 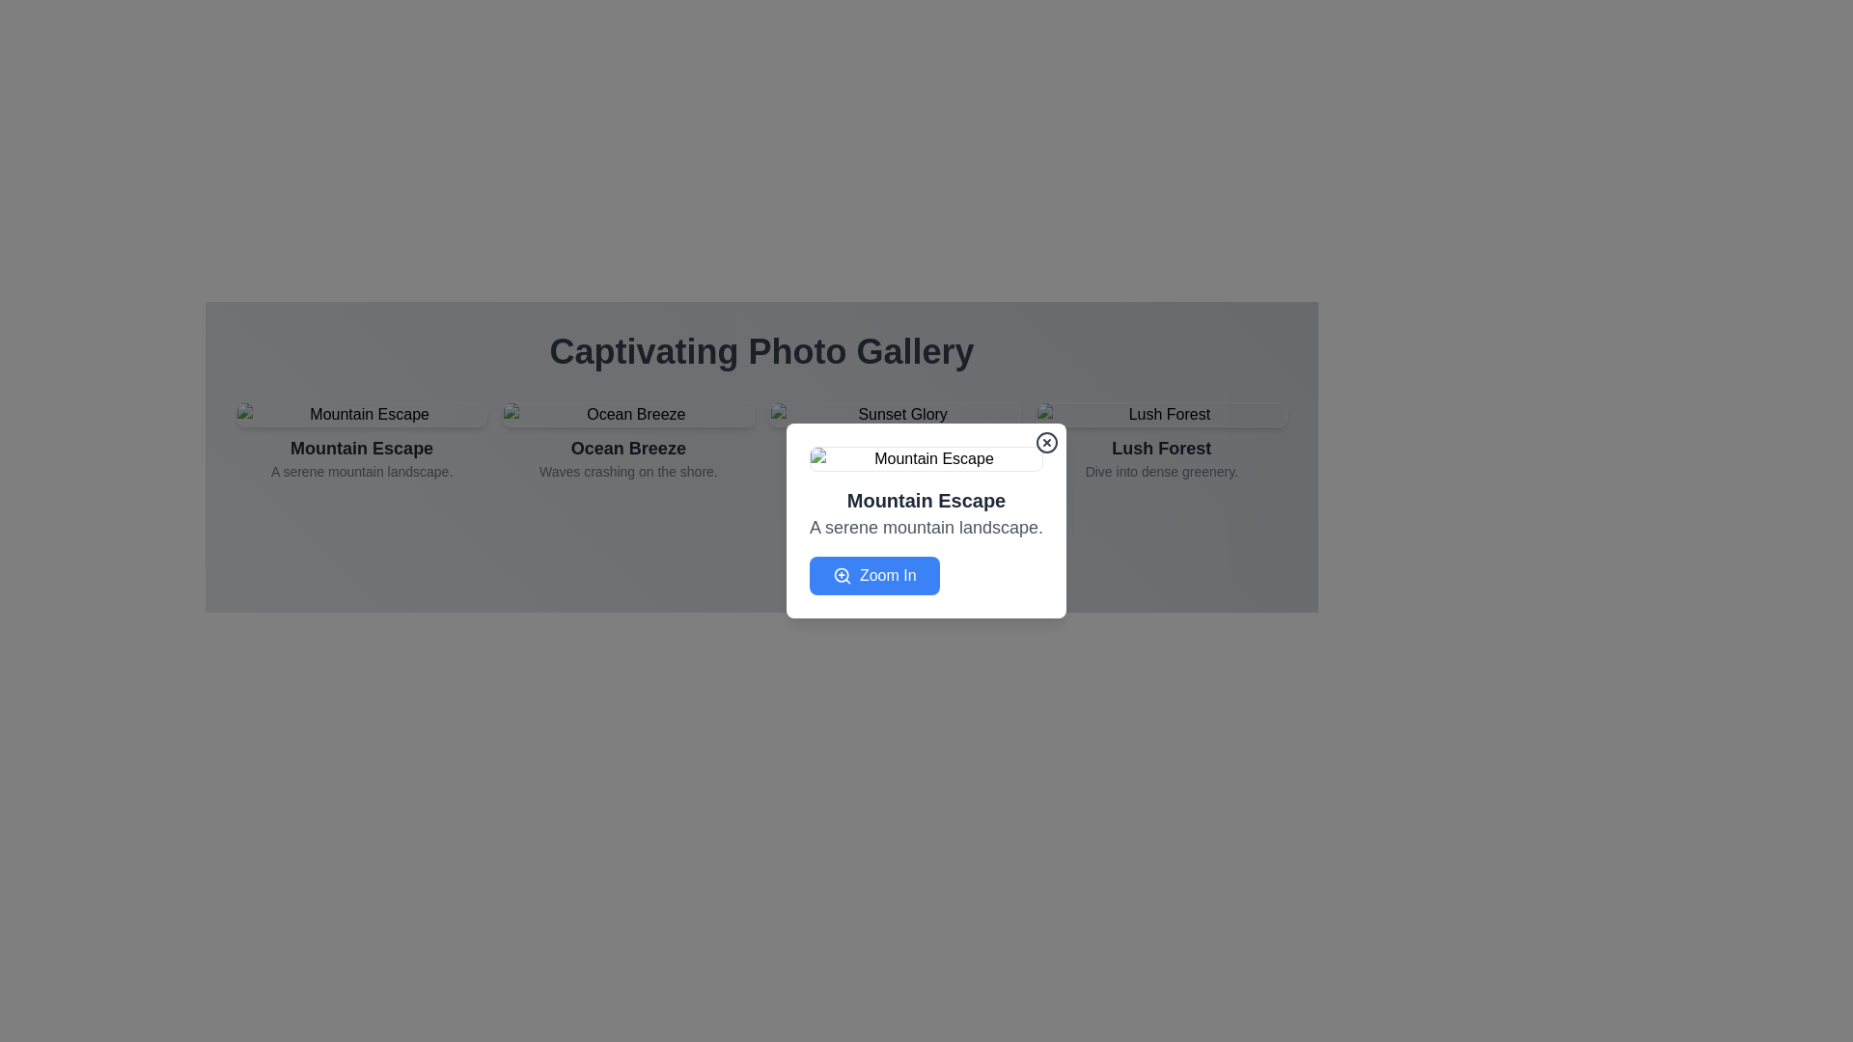 What do you see at coordinates (873, 575) in the screenshot?
I see `the zoom-in button located at the bottom of the 'Mountain Escape' dialog box` at bounding box center [873, 575].